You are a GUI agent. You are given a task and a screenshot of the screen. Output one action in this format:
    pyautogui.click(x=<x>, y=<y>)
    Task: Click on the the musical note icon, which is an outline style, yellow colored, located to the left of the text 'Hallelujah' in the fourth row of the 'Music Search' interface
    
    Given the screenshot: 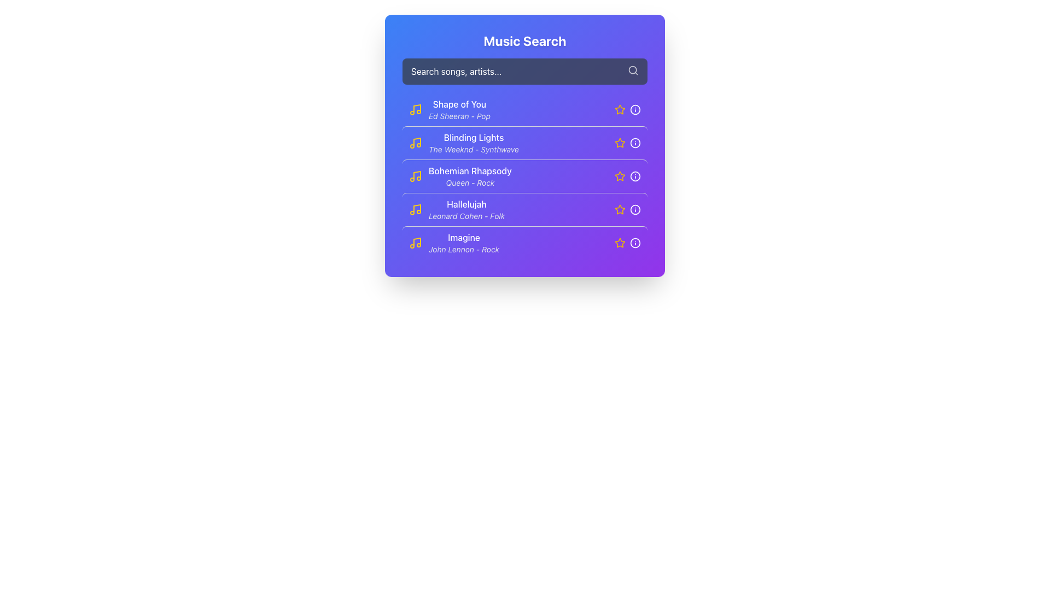 What is the action you would take?
    pyautogui.click(x=415, y=210)
    